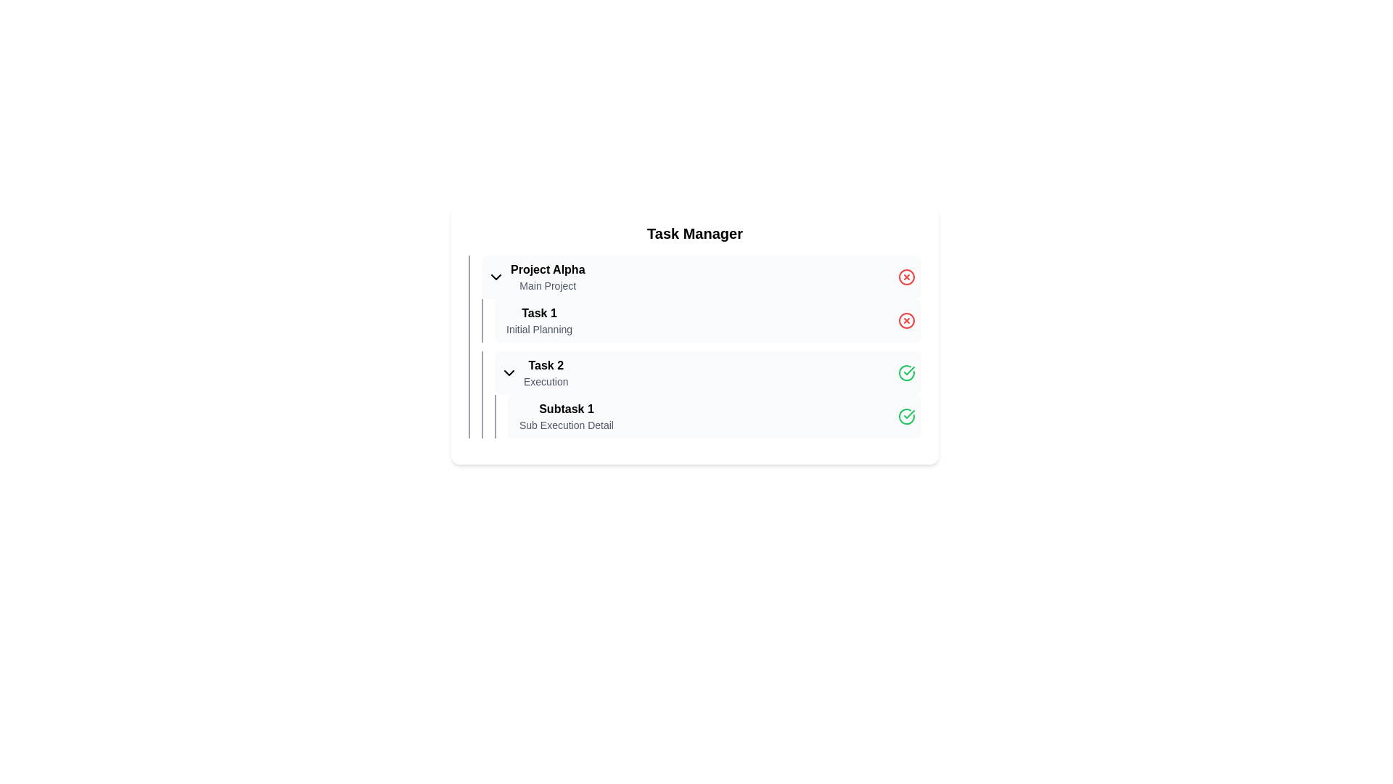 The width and height of the screenshot is (1393, 784). I want to click on the SVG checkmark icon indicating the completion of 'Subtask 1', located near the bottom of the task list interface, so click(908, 369).